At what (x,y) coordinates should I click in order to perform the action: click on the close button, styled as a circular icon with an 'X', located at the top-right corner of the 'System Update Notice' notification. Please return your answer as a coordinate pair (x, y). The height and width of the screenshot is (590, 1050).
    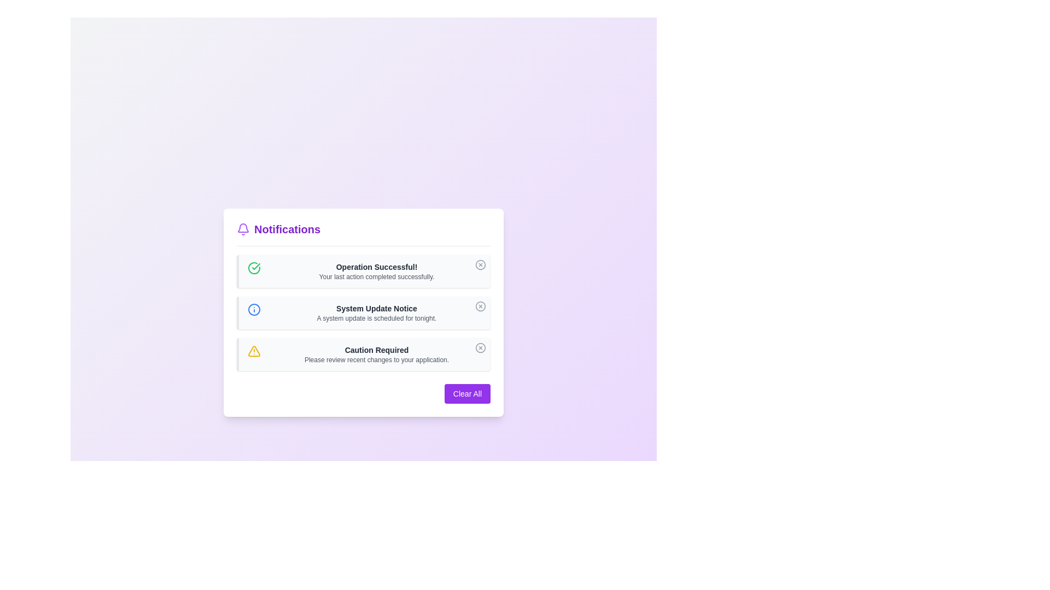
    Looking at the image, I should click on (480, 306).